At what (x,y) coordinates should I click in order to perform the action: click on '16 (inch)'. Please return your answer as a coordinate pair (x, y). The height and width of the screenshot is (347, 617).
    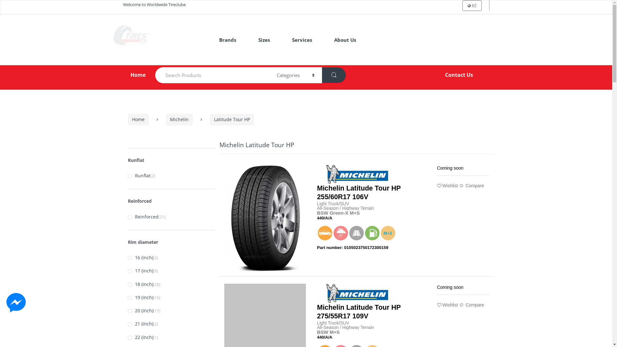
    Looking at the image, I should click on (140, 257).